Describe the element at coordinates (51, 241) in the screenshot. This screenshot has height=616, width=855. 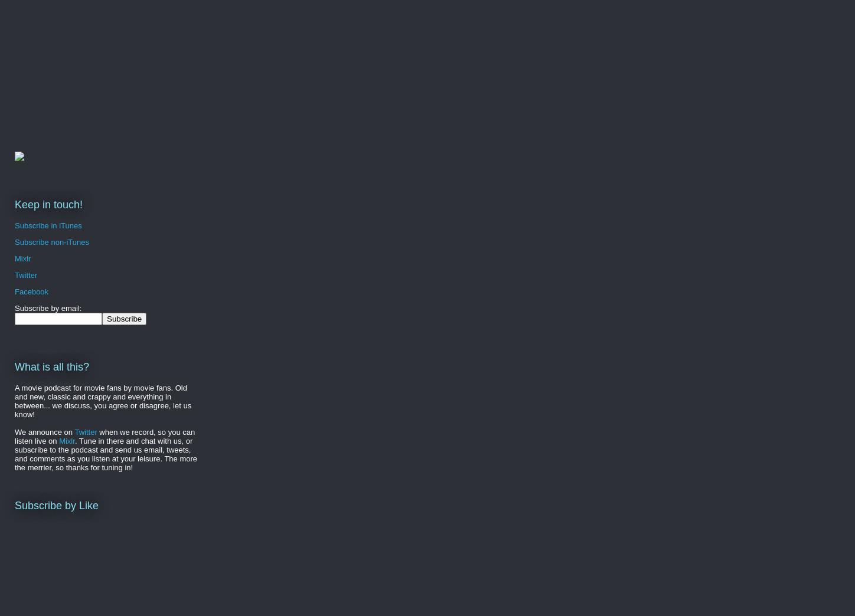
I see `'Subscribe non-iTunes'` at that location.